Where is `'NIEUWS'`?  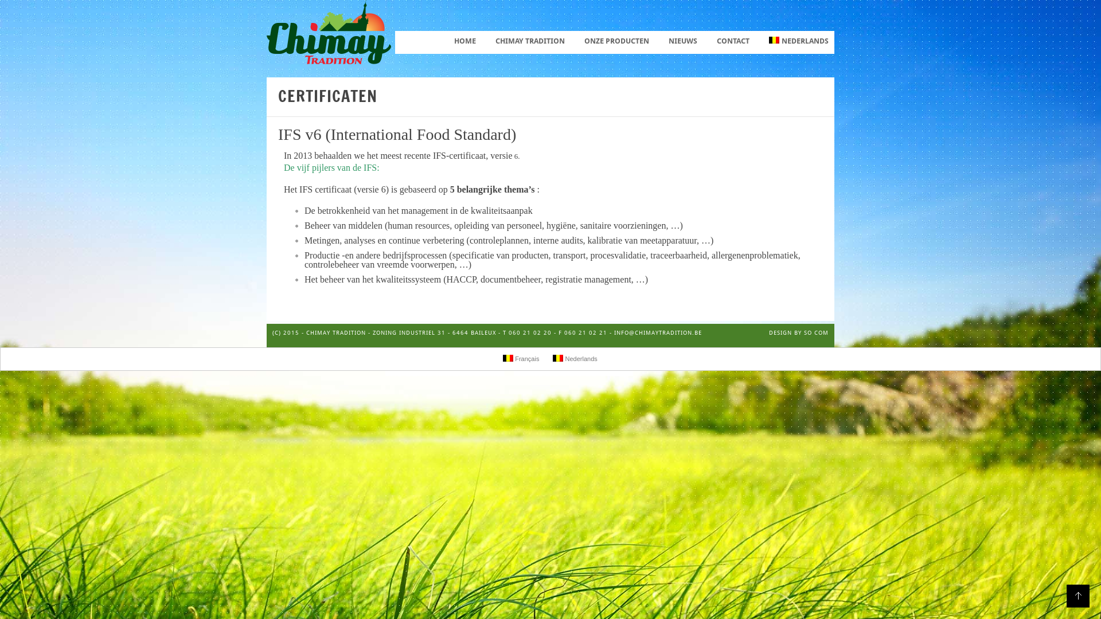
'NIEUWS' is located at coordinates (682, 41).